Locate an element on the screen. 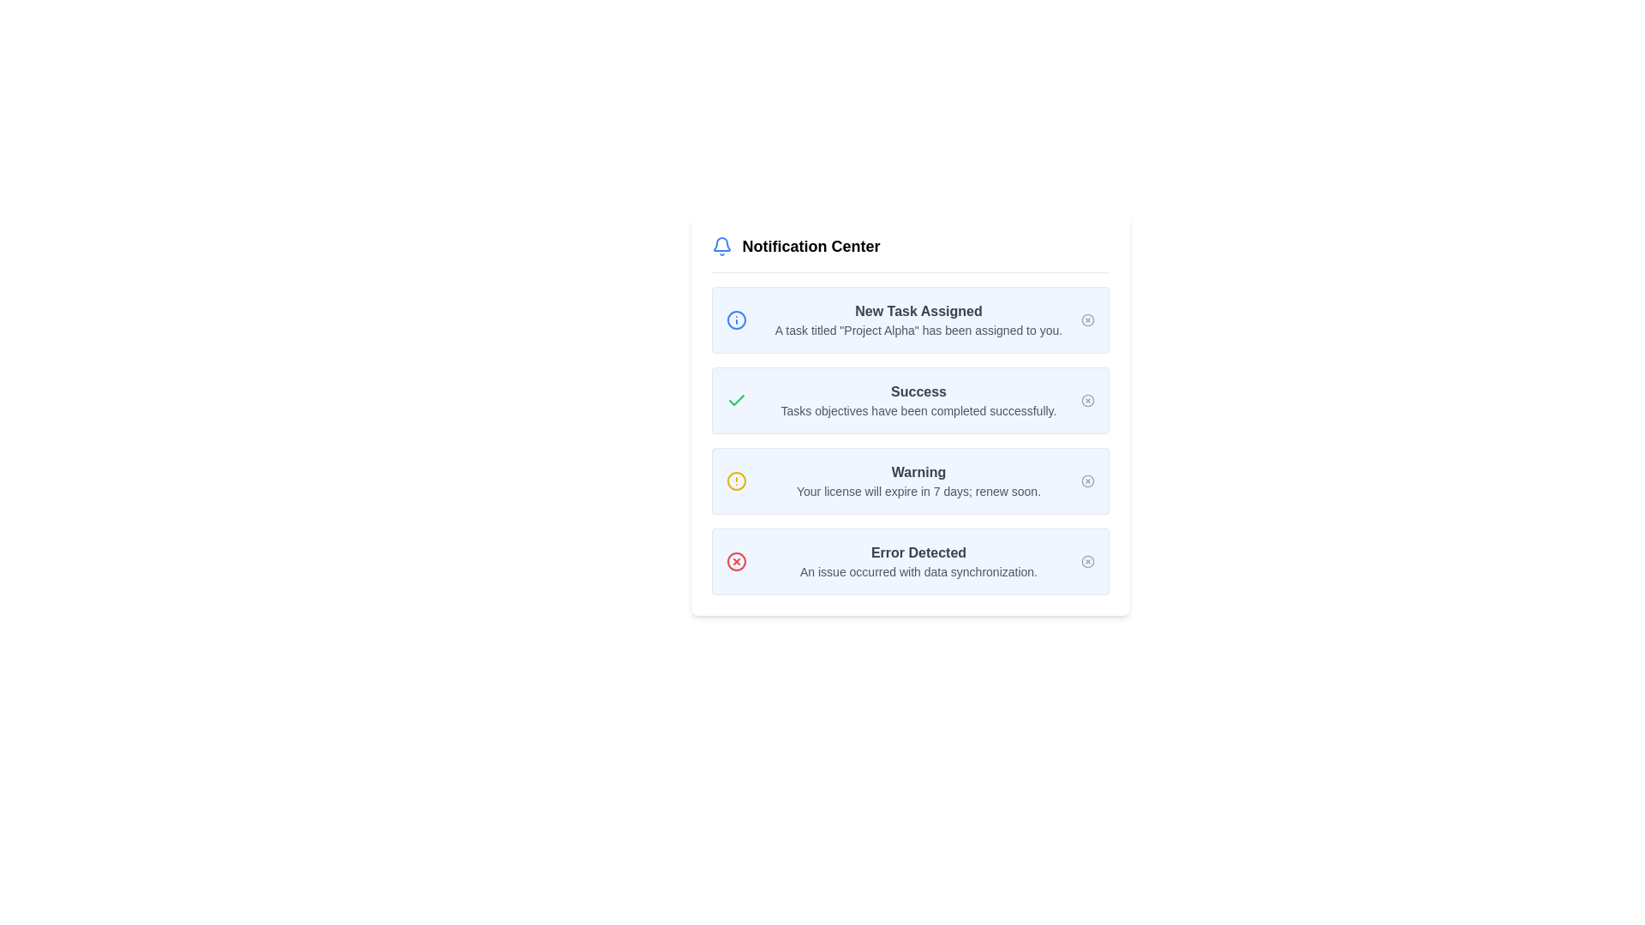 The height and width of the screenshot is (925, 1645). the small circular icon button located at the far-right of the 'Error Detected' notification alert to change its appearance from light gray to red is located at coordinates (1086, 561).